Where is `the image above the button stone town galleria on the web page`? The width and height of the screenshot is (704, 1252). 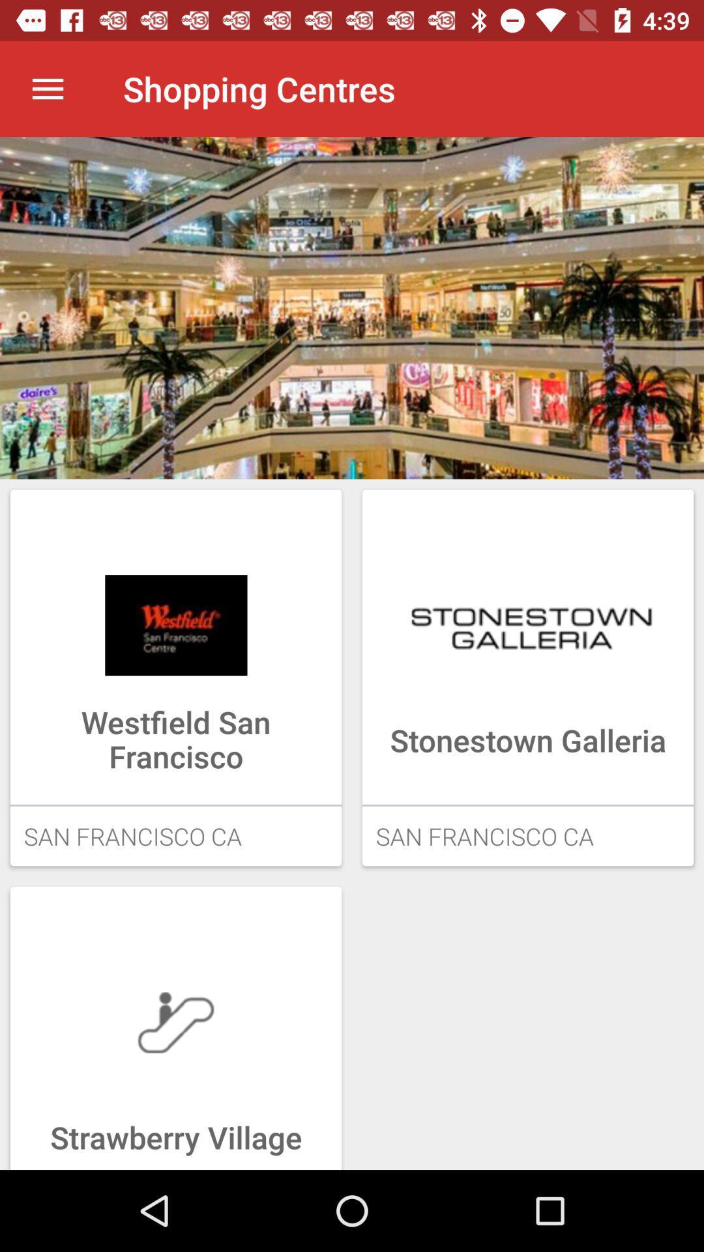 the image above the button stone town galleria on the web page is located at coordinates (528, 625).